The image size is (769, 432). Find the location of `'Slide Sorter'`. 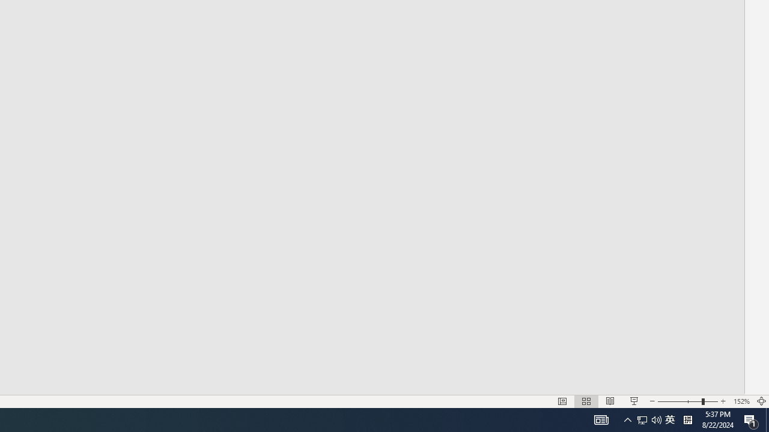

'Slide Sorter' is located at coordinates (586, 401).